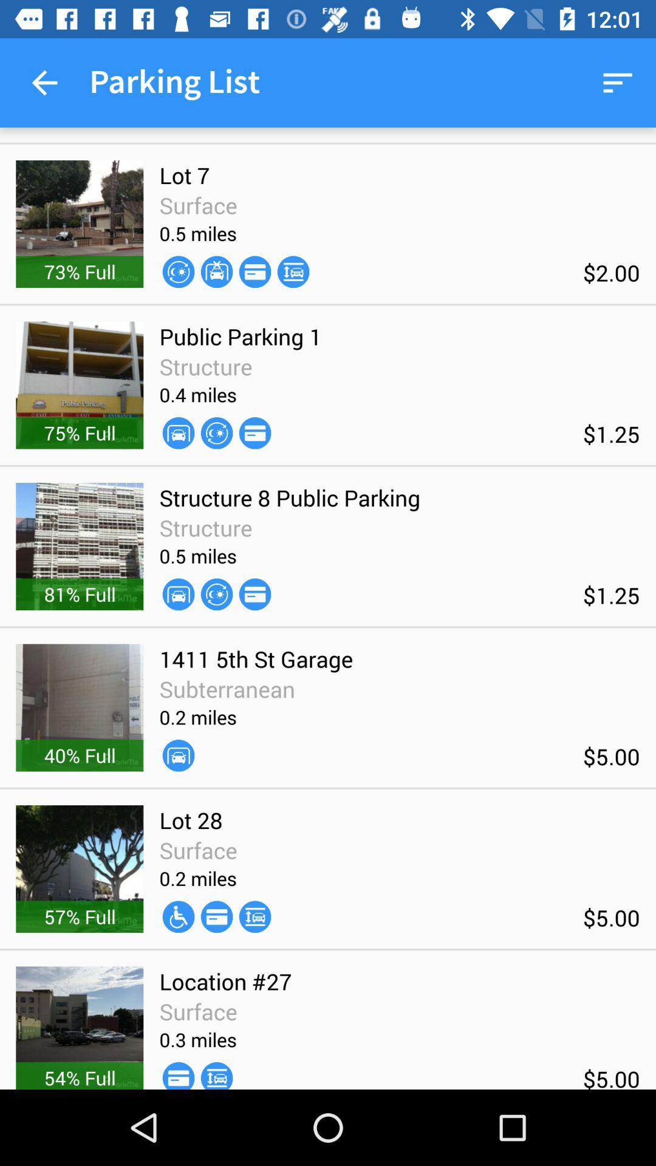 This screenshot has height=1166, width=656. Describe the element at coordinates (216, 433) in the screenshot. I see `the item below the 0.4 miles item` at that location.